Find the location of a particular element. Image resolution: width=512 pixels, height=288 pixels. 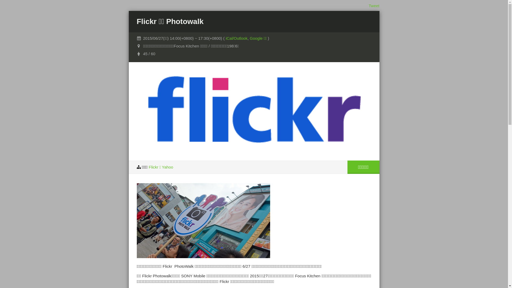

'Tweet' is located at coordinates (373, 6).